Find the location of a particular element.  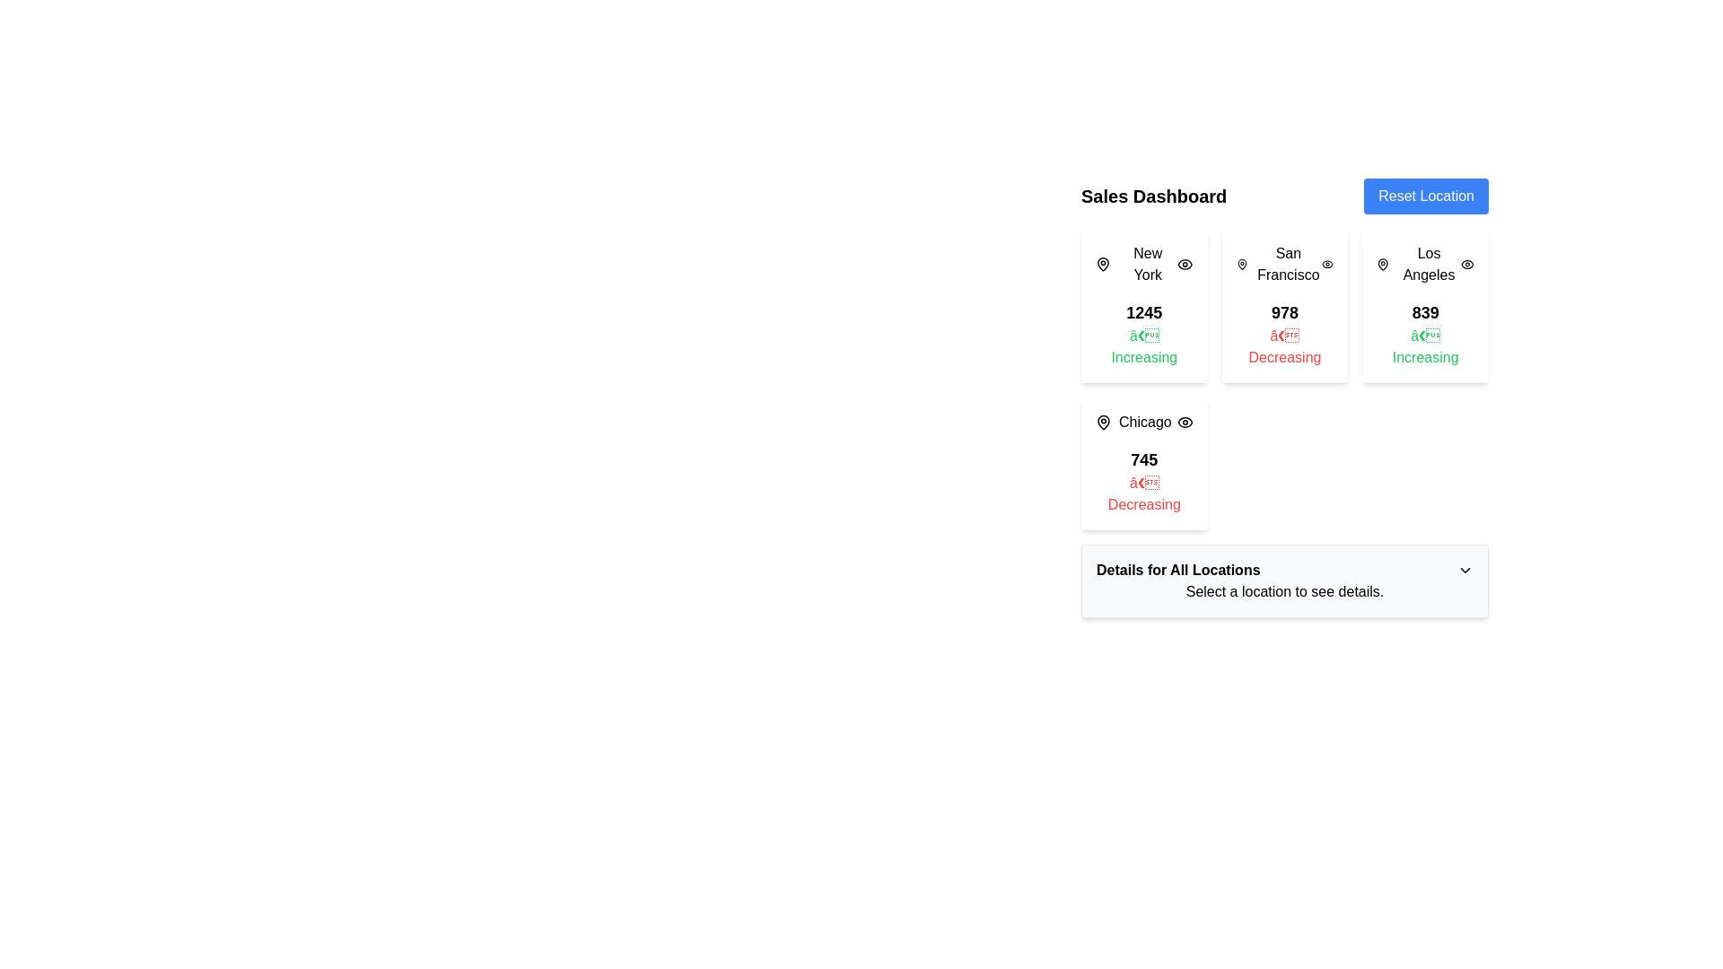

displayed number from the Numeric Text Display that shows the sales or performance metric for the Chicago location, positioned in the second row of the dashboard grid is located at coordinates (1143, 459).